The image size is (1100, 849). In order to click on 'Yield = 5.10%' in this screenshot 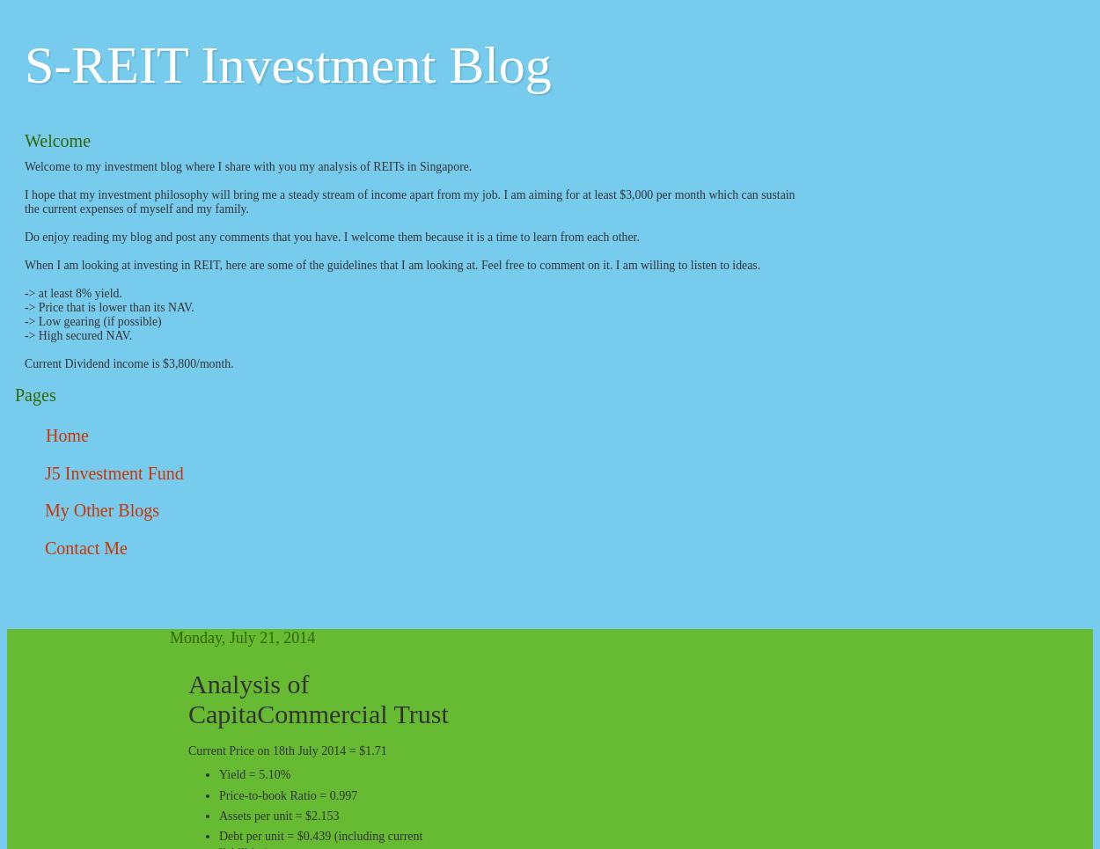, I will do `click(258, 774)`.